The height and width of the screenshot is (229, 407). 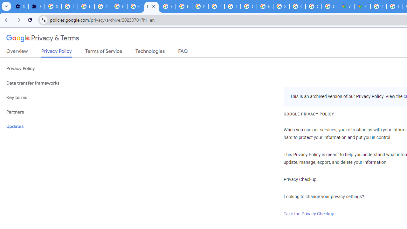 I want to click on 'Settings - On startup', so click(x=20, y=6).